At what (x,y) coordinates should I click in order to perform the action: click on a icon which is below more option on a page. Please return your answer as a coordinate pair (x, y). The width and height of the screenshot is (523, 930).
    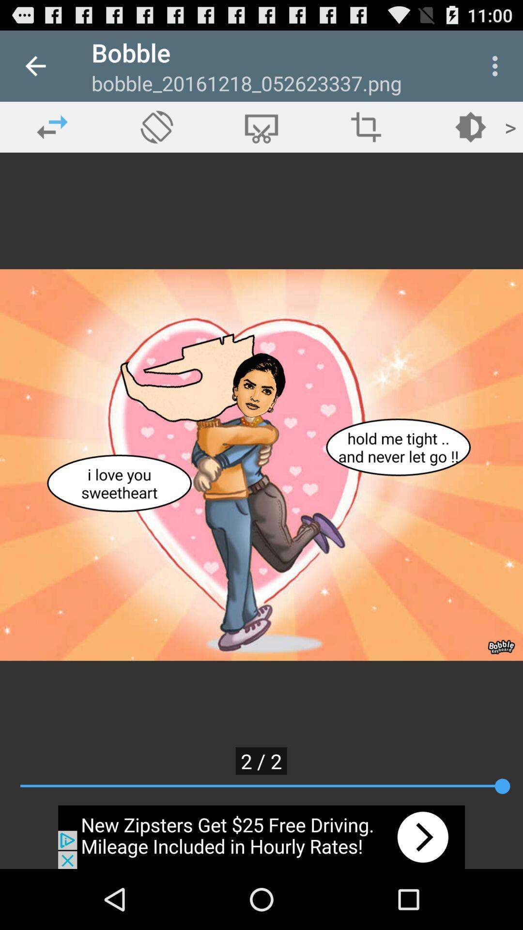
    Looking at the image, I should click on (470, 126).